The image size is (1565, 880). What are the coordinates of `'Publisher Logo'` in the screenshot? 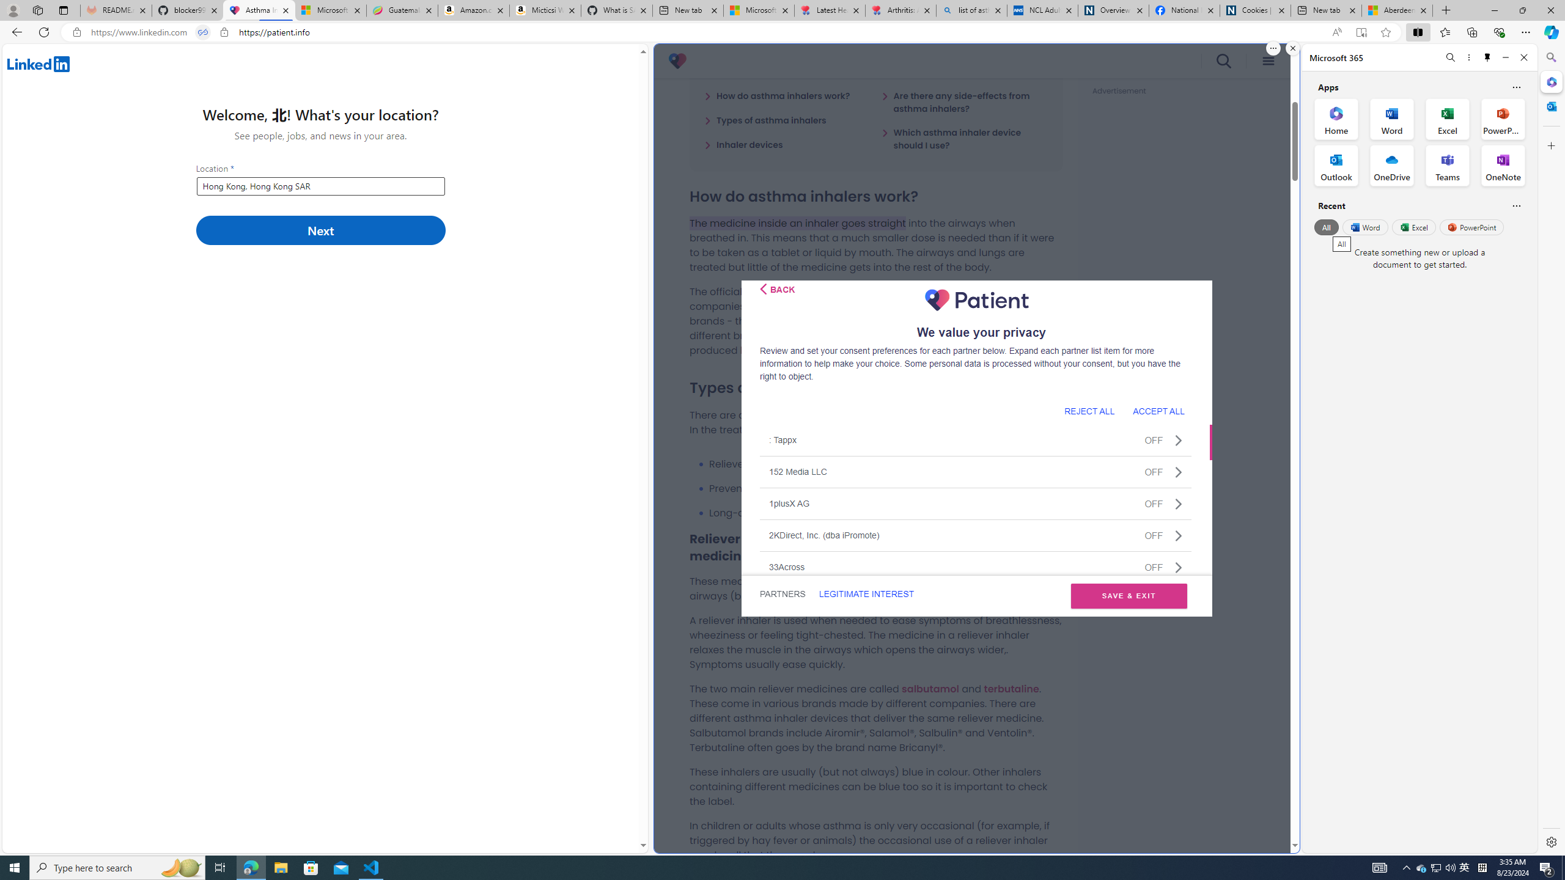 It's located at (976, 299).